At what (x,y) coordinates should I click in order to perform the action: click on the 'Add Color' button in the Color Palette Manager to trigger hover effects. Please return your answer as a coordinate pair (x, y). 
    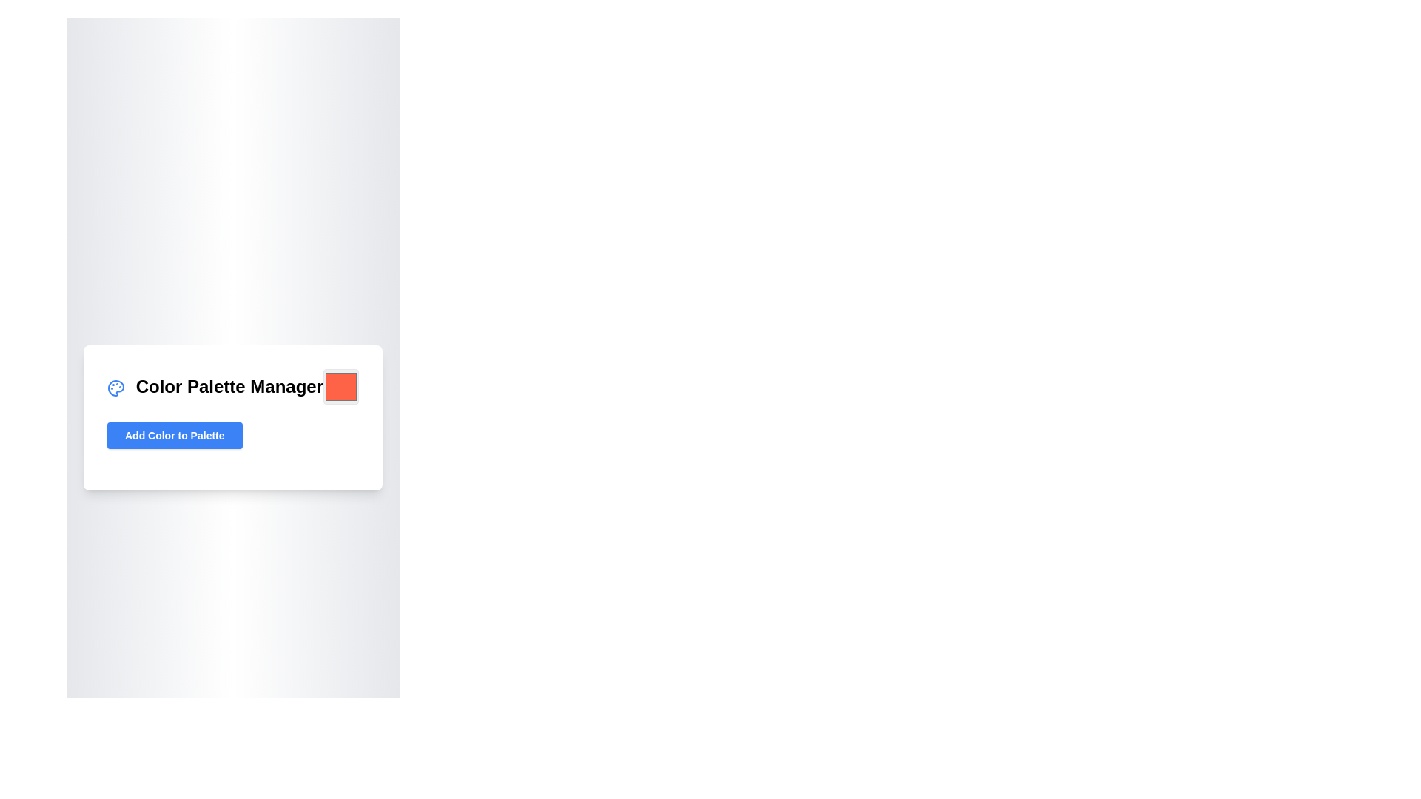
    Looking at the image, I should click on (175, 435).